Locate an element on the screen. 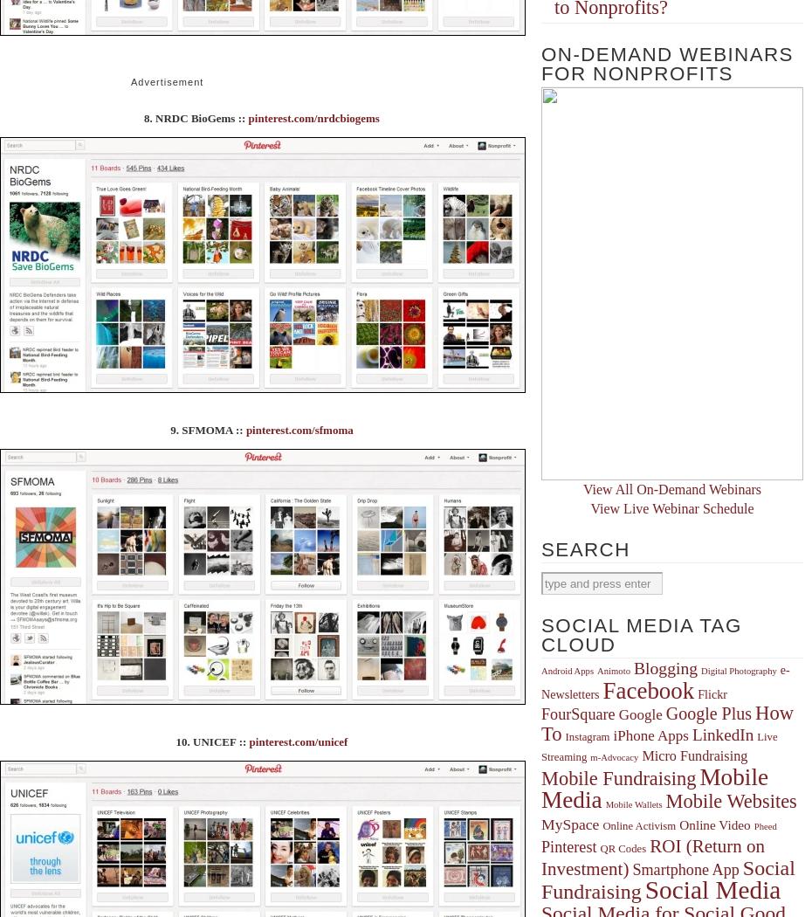  'Online Activism' is located at coordinates (639, 825).